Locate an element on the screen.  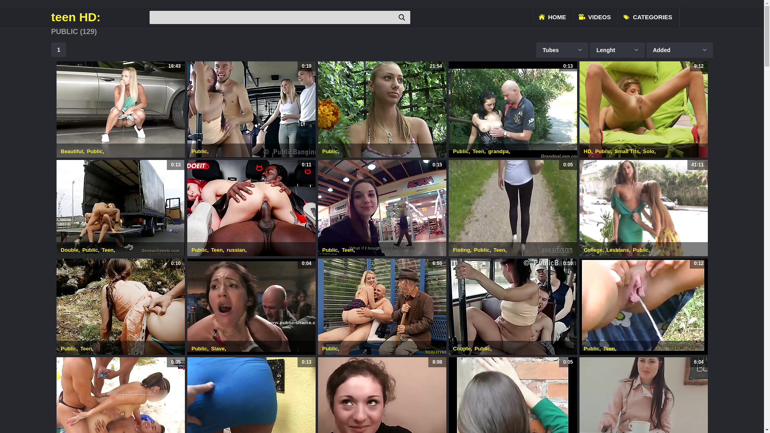
'21:54' is located at coordinates (381, 109).